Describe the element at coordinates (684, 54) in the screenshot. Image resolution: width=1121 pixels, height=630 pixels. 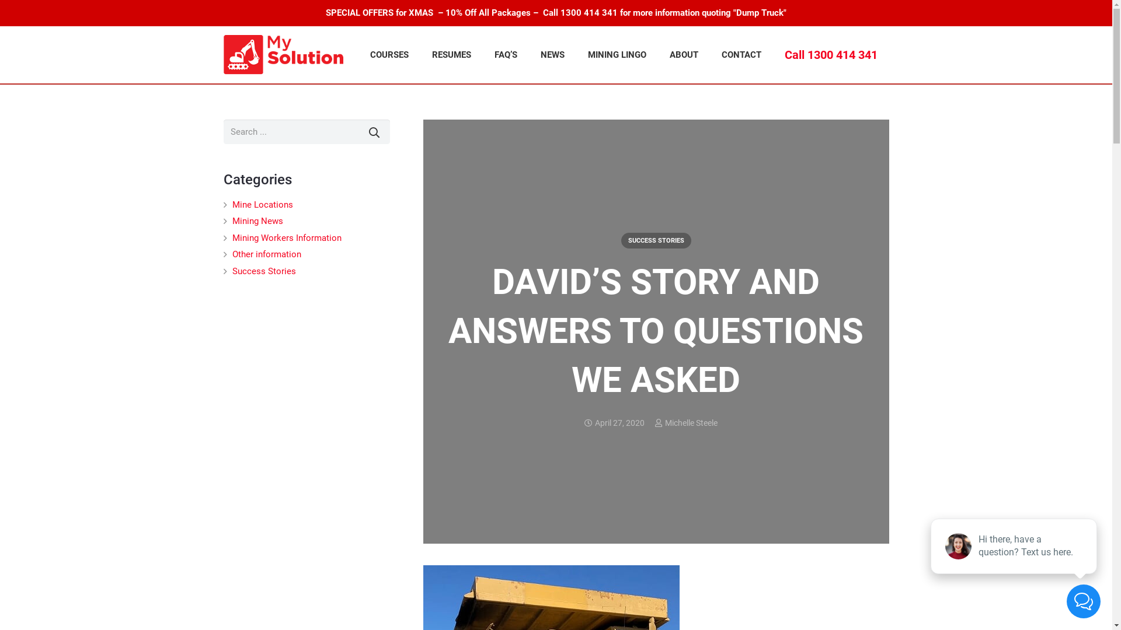
I see `'ABOUT'` at that location.